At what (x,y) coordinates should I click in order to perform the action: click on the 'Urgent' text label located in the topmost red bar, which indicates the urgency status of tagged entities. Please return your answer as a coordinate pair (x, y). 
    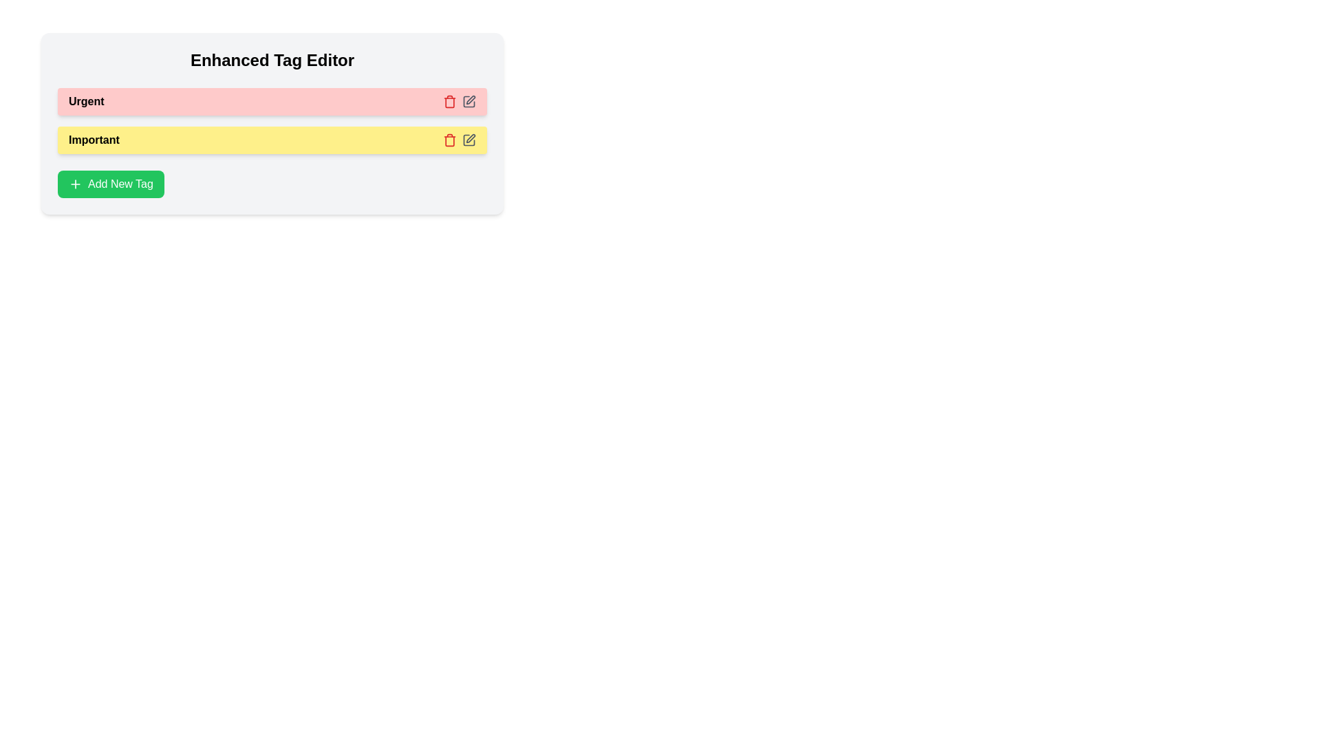
    Looking at the image, I should click on (85, 100).